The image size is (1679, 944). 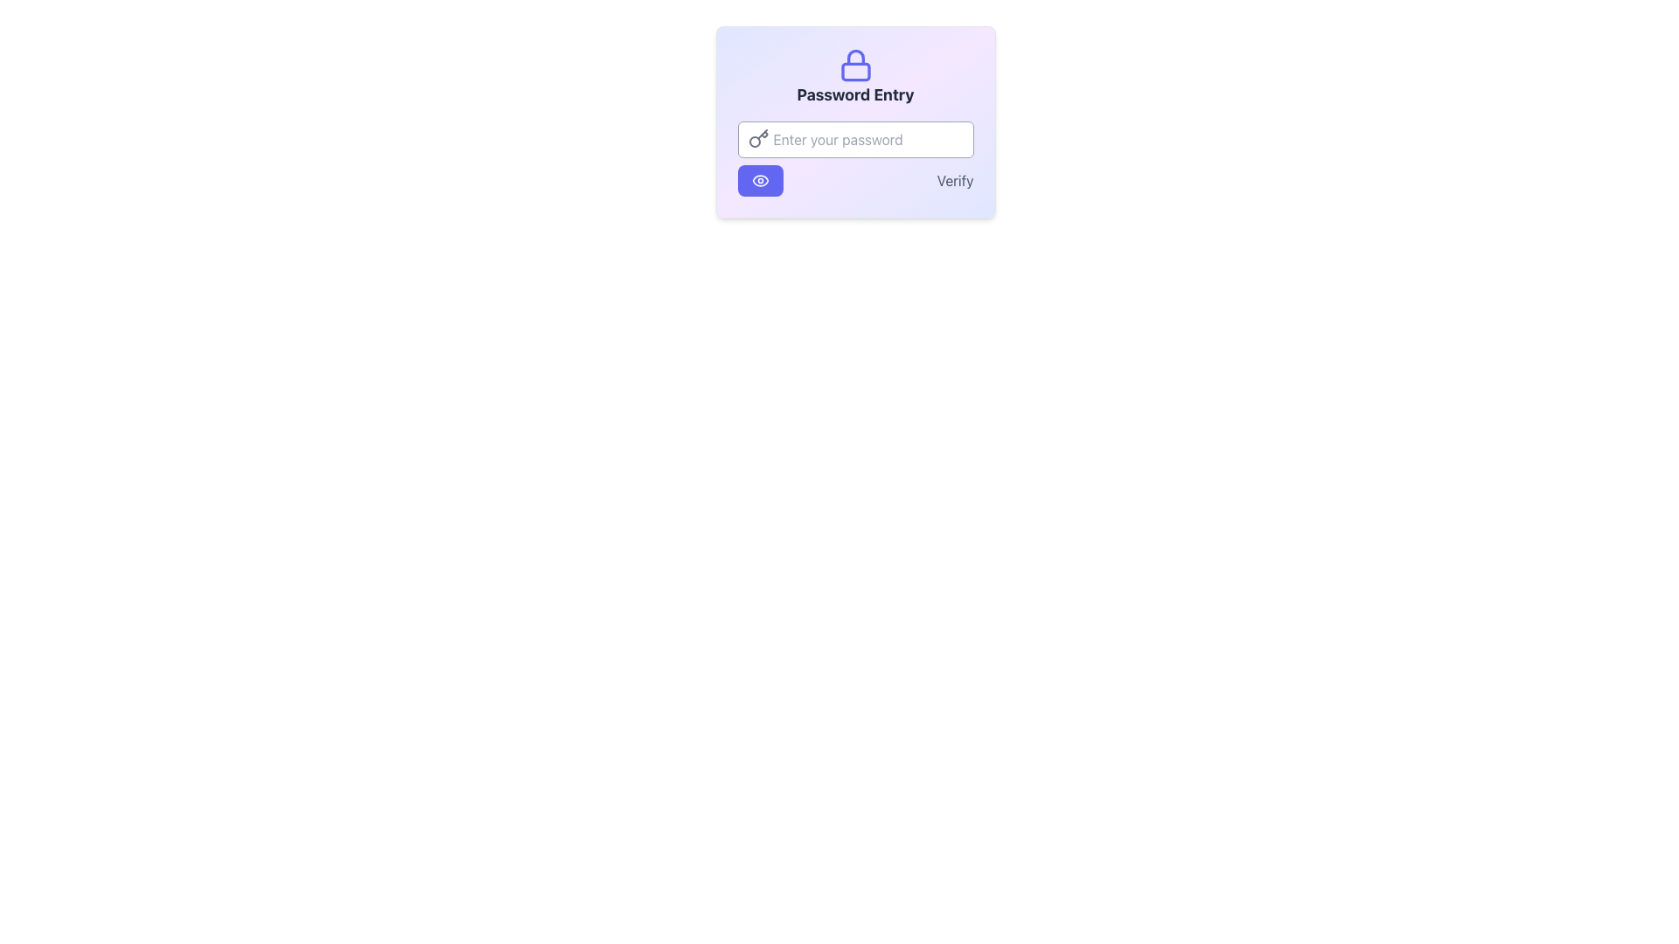 What do you see at coordinates (855, 56) in the screenshot?
I see `the decorative graphical icon indicating the security of the password entry field, which is positioned above the password text field` at bounding box center [855, 56].